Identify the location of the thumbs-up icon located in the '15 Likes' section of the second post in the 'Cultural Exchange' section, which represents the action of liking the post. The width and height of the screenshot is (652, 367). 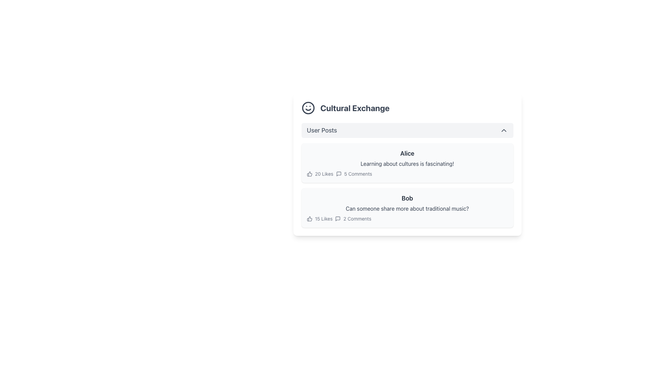
(309, 219).